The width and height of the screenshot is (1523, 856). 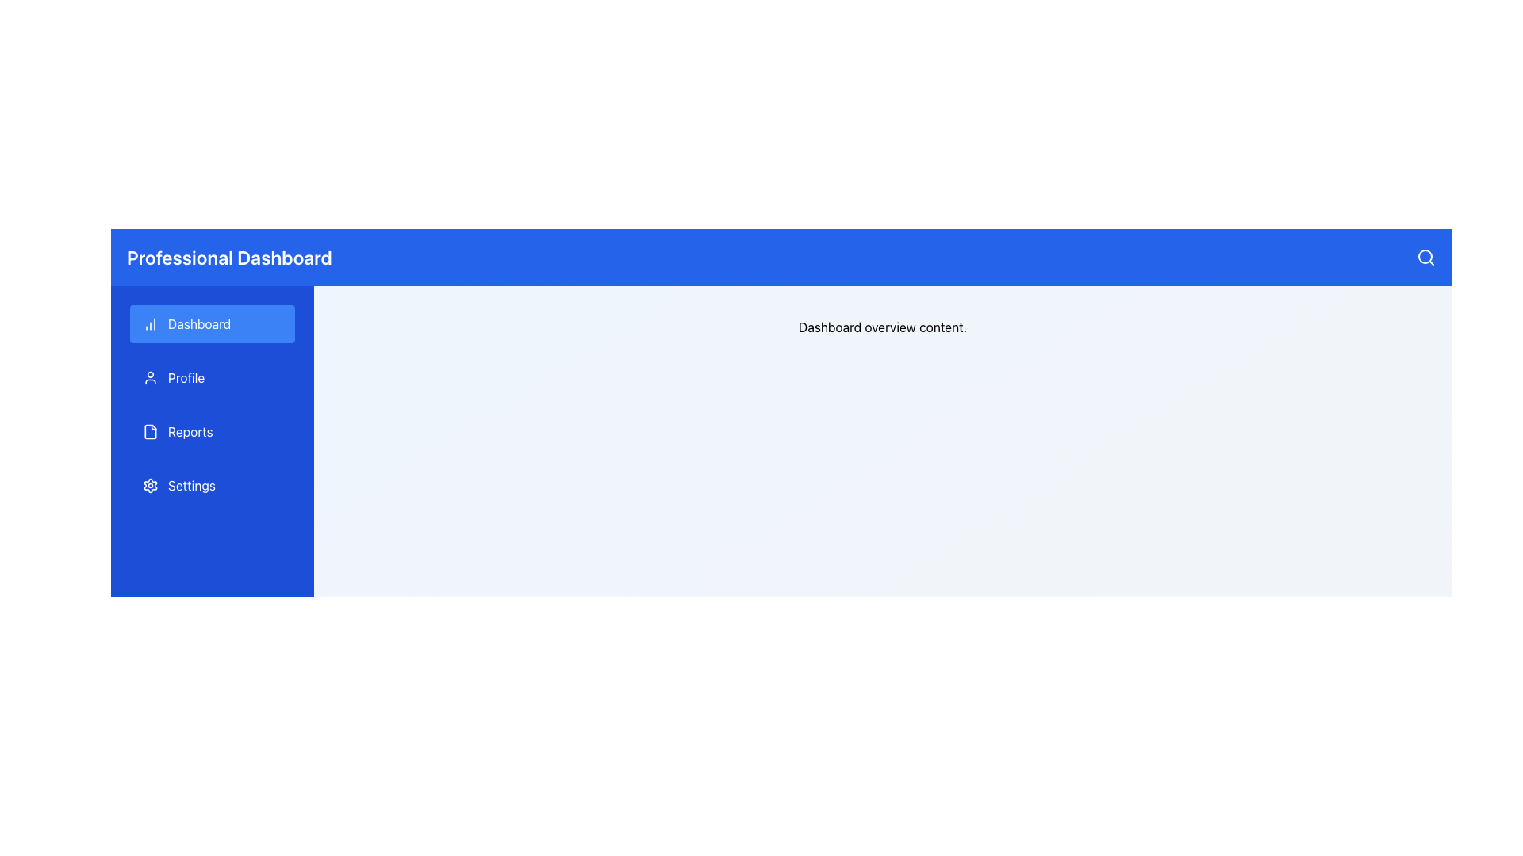 What do you see at coordinates (151, 485) in the screenshot?
I see `the central part of the gear-like icon in the settings option of the sidebar, which features rounded edges and circular patterns` at bounding box center [151, 485].